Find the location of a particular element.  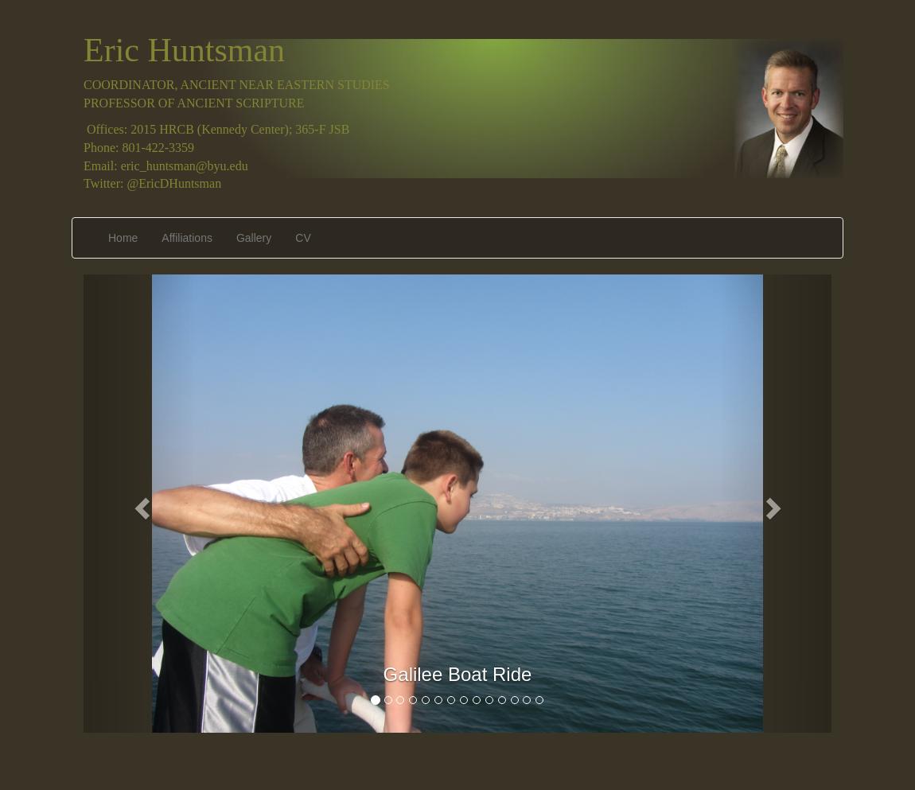

'Offices: 2015 HRCB (Kennedy Center); 365-F JSB' is located at coordinates (215, 127).